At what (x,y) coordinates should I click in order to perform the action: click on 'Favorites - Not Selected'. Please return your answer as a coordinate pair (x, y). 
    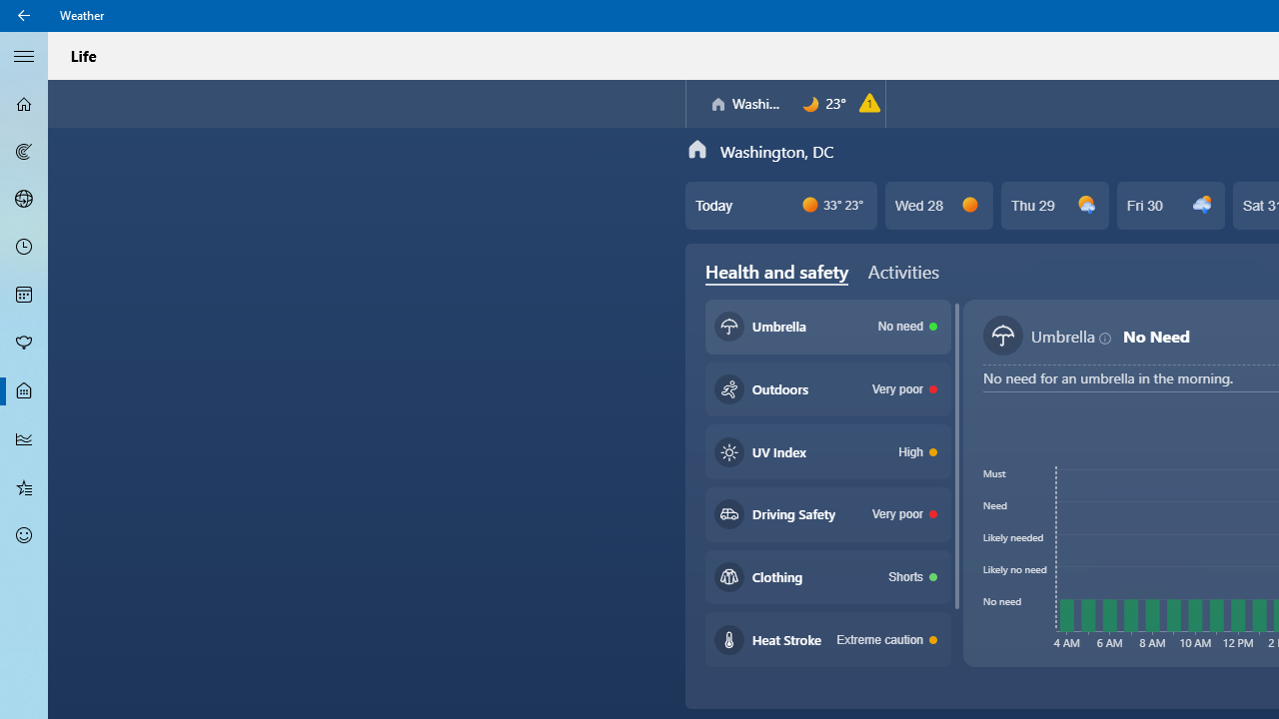
    Looking at the image, I should click on (24, 486).